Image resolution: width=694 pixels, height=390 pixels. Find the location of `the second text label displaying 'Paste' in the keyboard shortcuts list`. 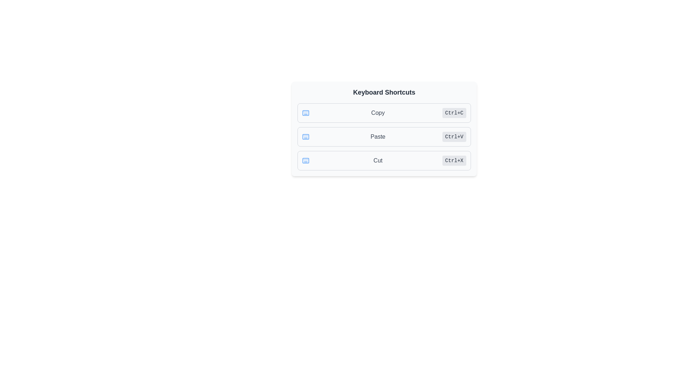

the second text label displaying 'Paste' in the keyboard shortcuts list is located at coordinates (377, 136).